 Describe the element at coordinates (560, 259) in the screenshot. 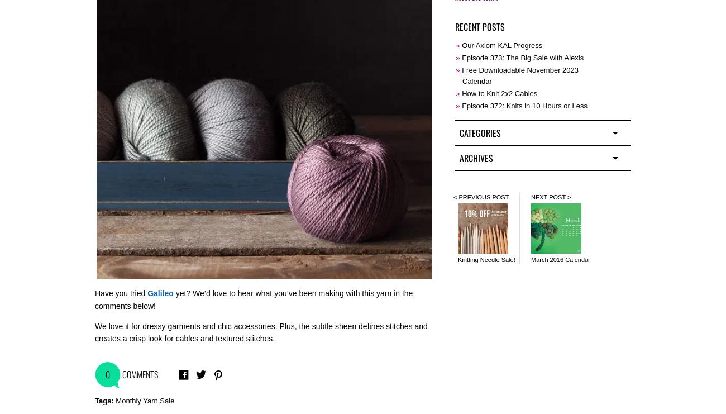

I see `'March 2016 Calendar'` at that location.